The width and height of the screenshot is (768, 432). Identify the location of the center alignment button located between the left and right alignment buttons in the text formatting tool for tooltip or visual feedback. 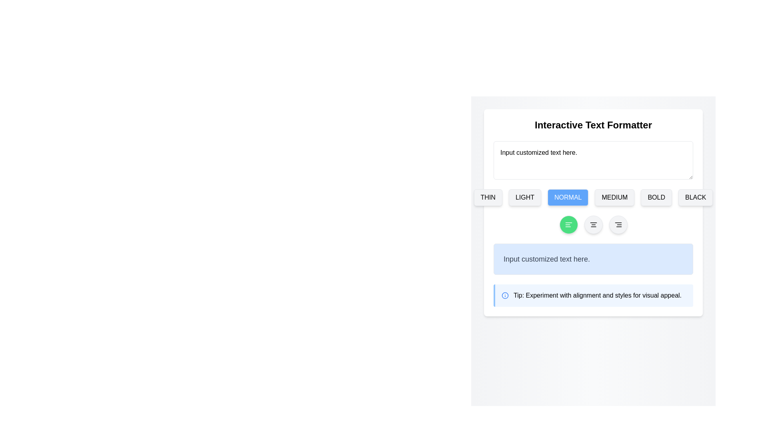
(593, 225).